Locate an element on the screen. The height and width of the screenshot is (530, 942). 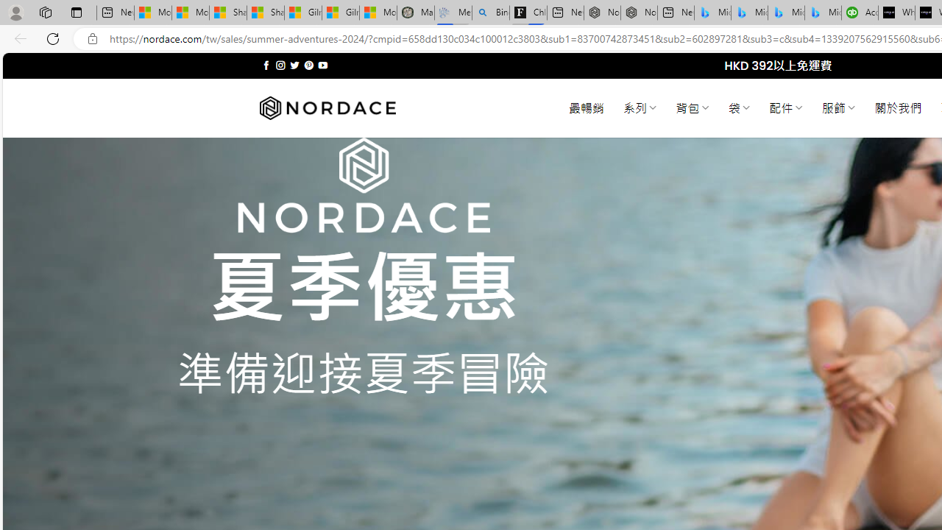
'Personal Profile' is located at coordinates (15, 12).